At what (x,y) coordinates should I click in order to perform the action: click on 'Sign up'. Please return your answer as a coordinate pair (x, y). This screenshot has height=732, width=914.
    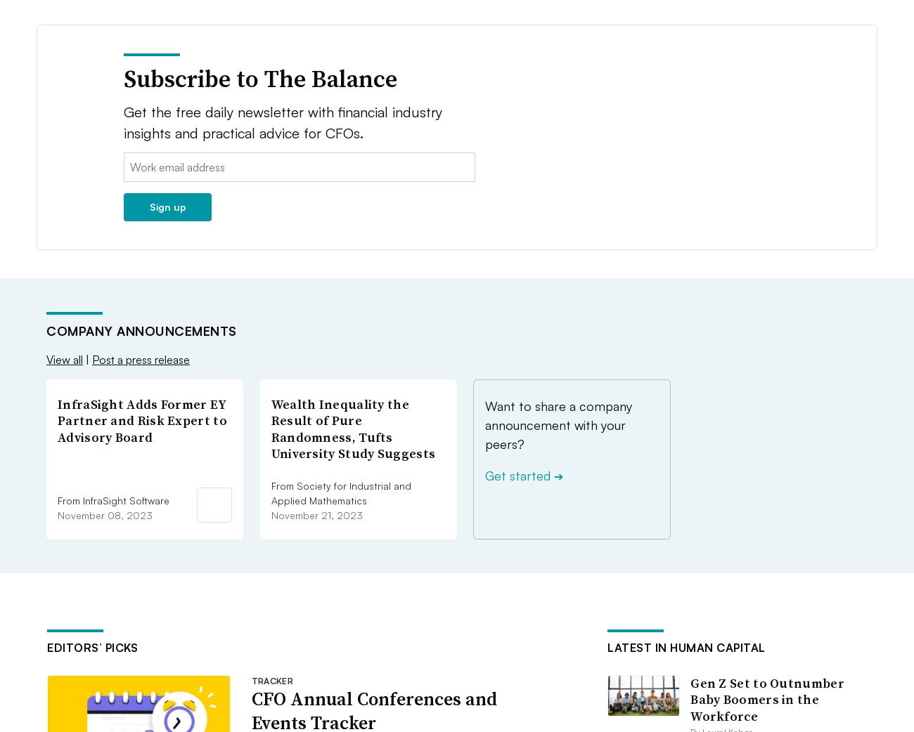
    Looking at the image, I should click on (167, 206).